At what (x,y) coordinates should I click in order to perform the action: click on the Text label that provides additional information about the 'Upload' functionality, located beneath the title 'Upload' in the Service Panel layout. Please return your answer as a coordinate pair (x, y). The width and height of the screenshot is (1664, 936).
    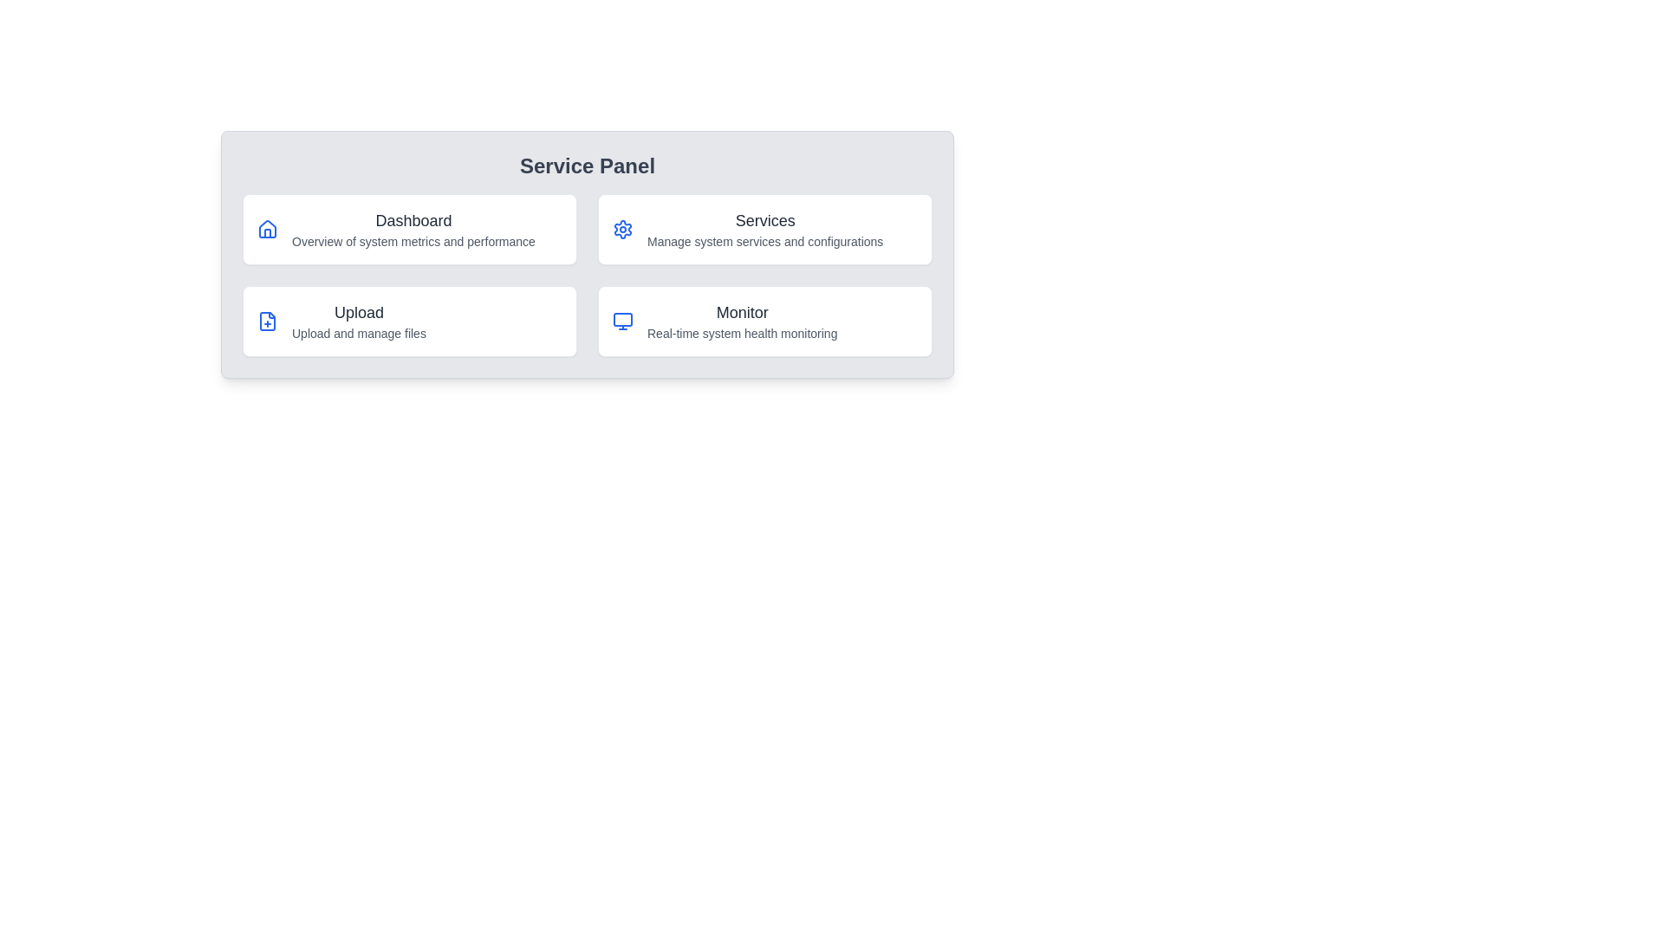
    Looking at the image, I should click on (358, 334).